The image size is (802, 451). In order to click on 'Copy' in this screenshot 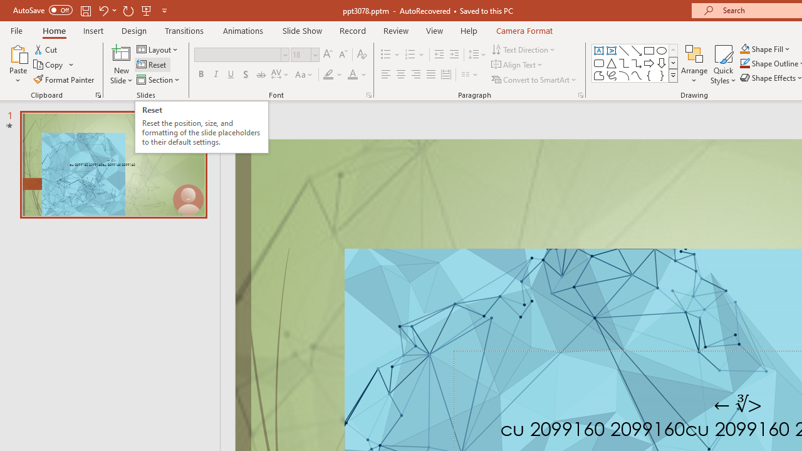, I will do `click(49, 65)`.